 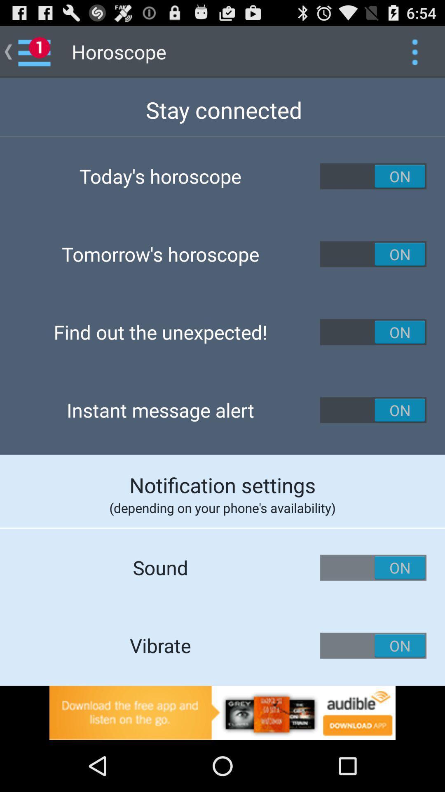 What do you see at coordinates (222, 712) in the screenshot?
I see `advertising pop up banner` at bounding box center [222, 712].